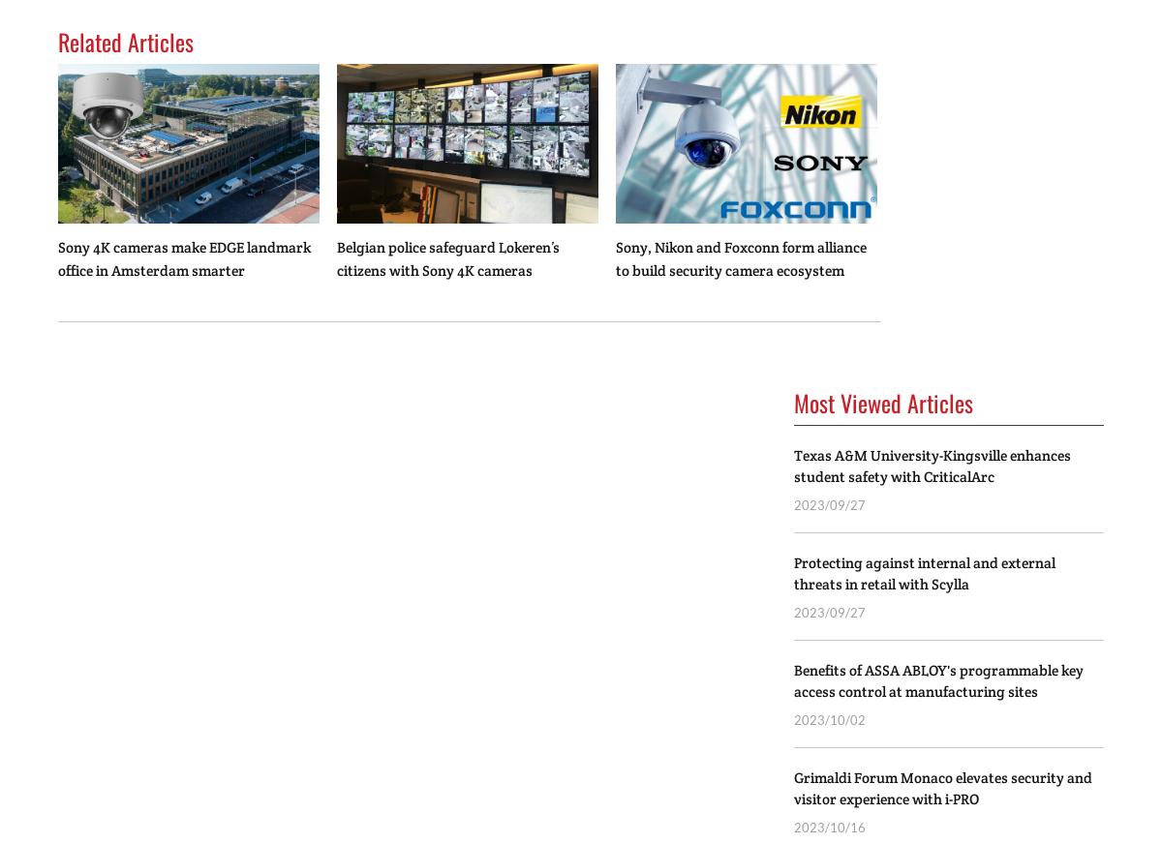 This screenshot has height=844, width=1162. Describe the element at coordinates (792, 788) in the screenshot. I see `'Grimaldi Forum Monaco elevates security and visitor experience with i-PRO'` at that location.